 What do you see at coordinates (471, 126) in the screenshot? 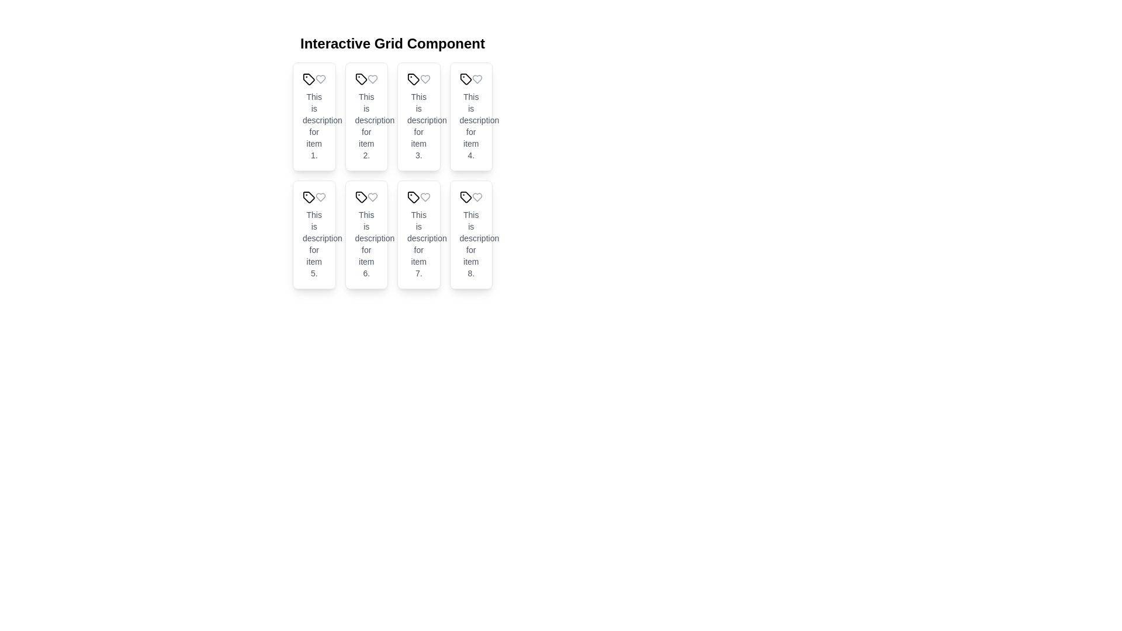
I see `the text block styled with smaller, light gray text that reads 'This is description for item 4.', located beneath the title 'Tile 4' within the fourth tile of the grid layout` at bounding box center [471, 126].